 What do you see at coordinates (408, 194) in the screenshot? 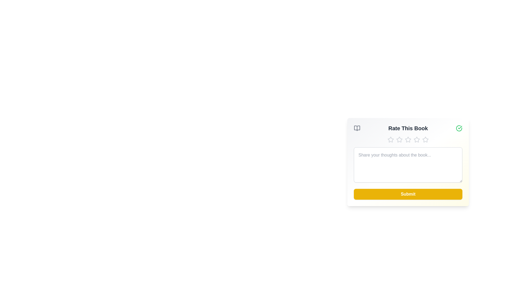
I see `'Submit' button to submit the rating and comment` at bounding box center [408, 194].